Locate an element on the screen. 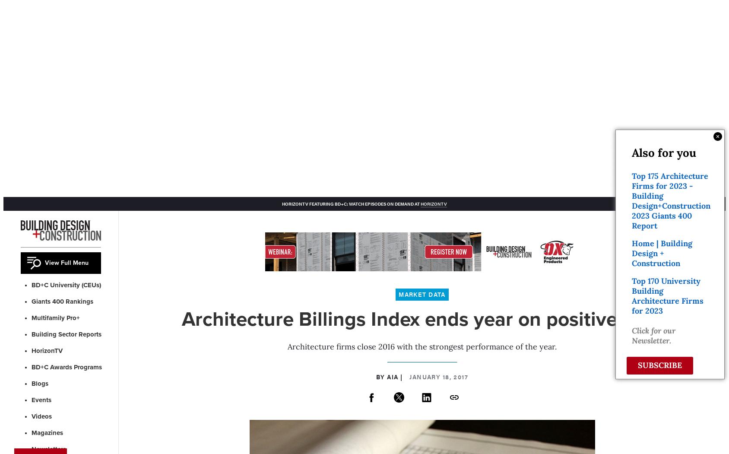 Image resolution: width=729 pixels, height=454 pixels. 'By AIA
 |' is located at coordinates (389, 376).